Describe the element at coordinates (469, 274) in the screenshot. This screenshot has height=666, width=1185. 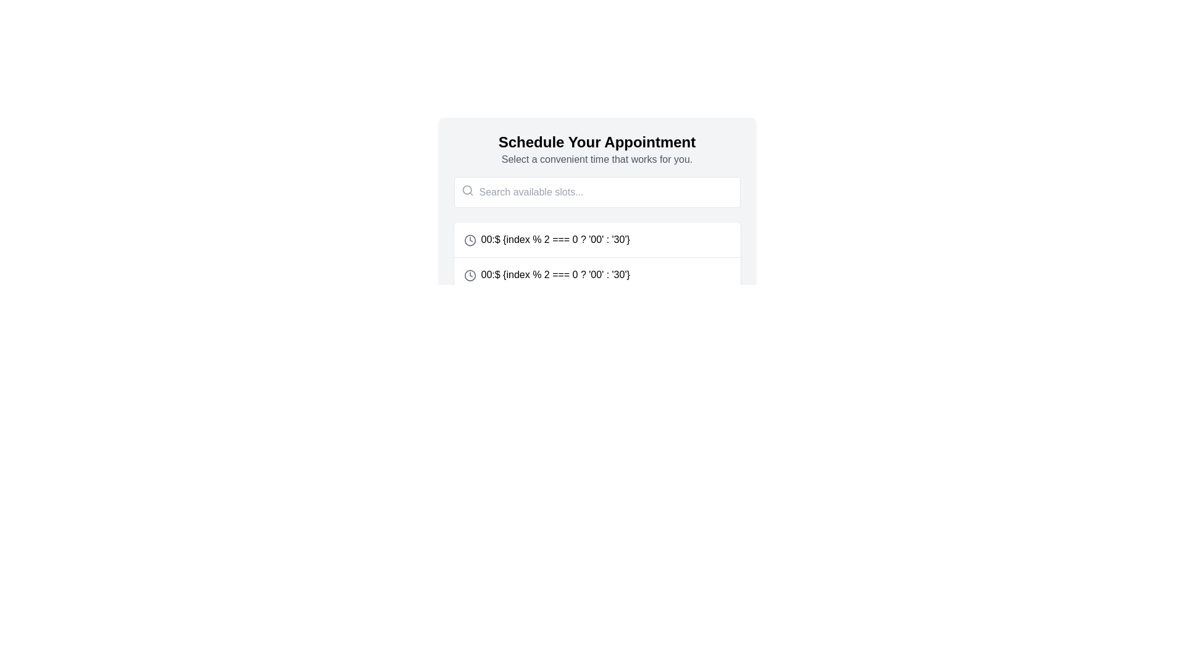
I see `the circular border component of the clock icon, which is used for time slot selection, located to the left of the second time slot` at that location.